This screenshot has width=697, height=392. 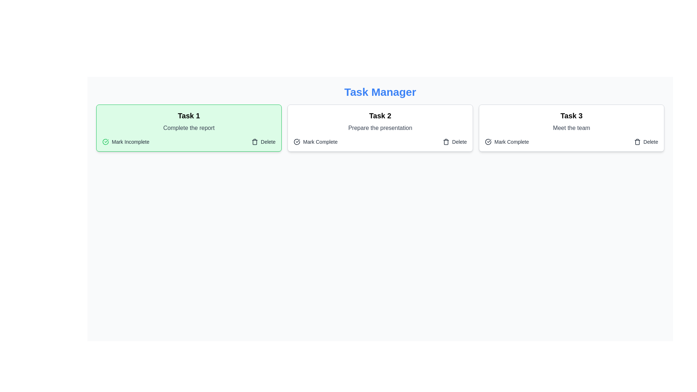 I want to click on the text label at the top of the middle card that serves as the title of the task card, so click(x=380, y=115).